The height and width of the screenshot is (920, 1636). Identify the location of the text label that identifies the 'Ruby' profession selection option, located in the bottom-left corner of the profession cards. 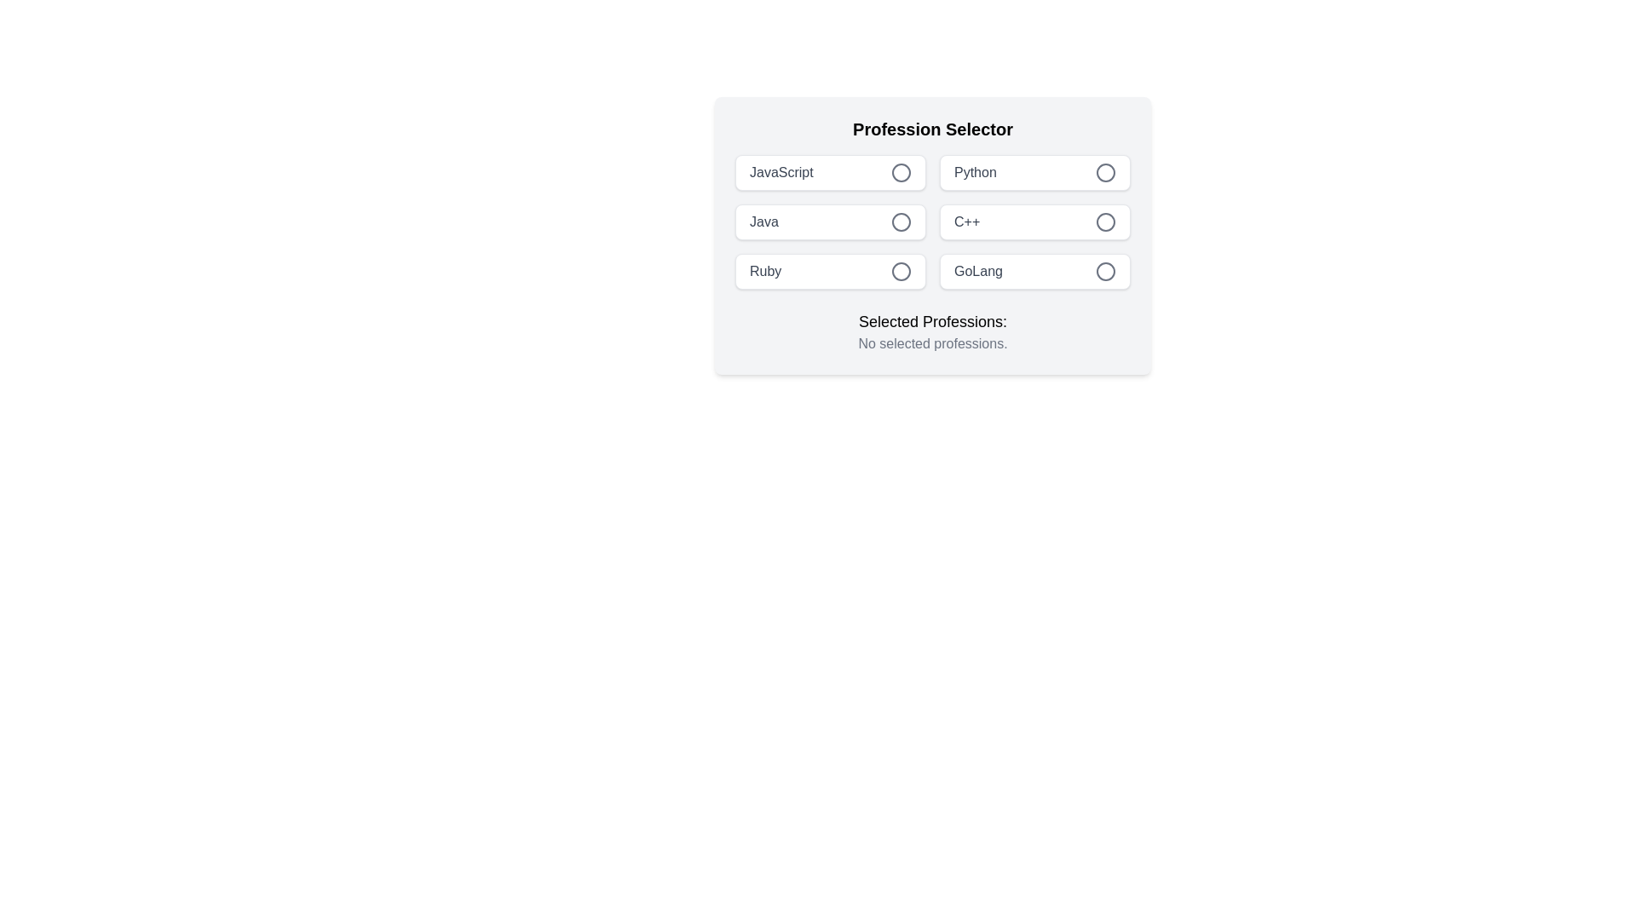
(764, 271).